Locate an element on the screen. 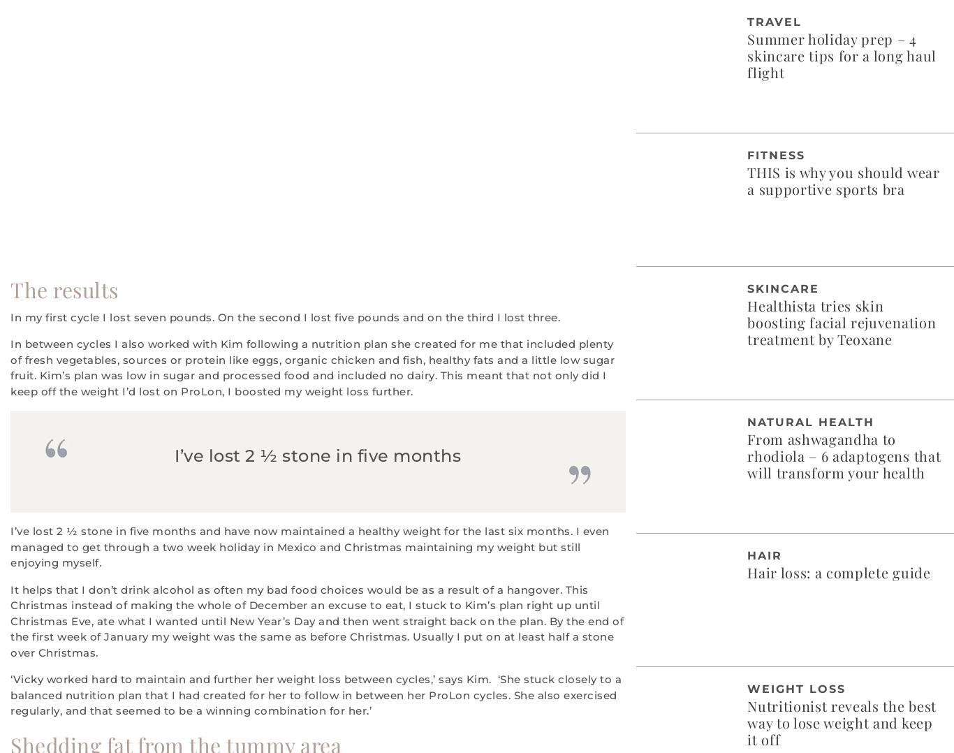 Image resolution: width=954 pixels, height=753 pixels. 'The results' is located at coordinates (64, 288).